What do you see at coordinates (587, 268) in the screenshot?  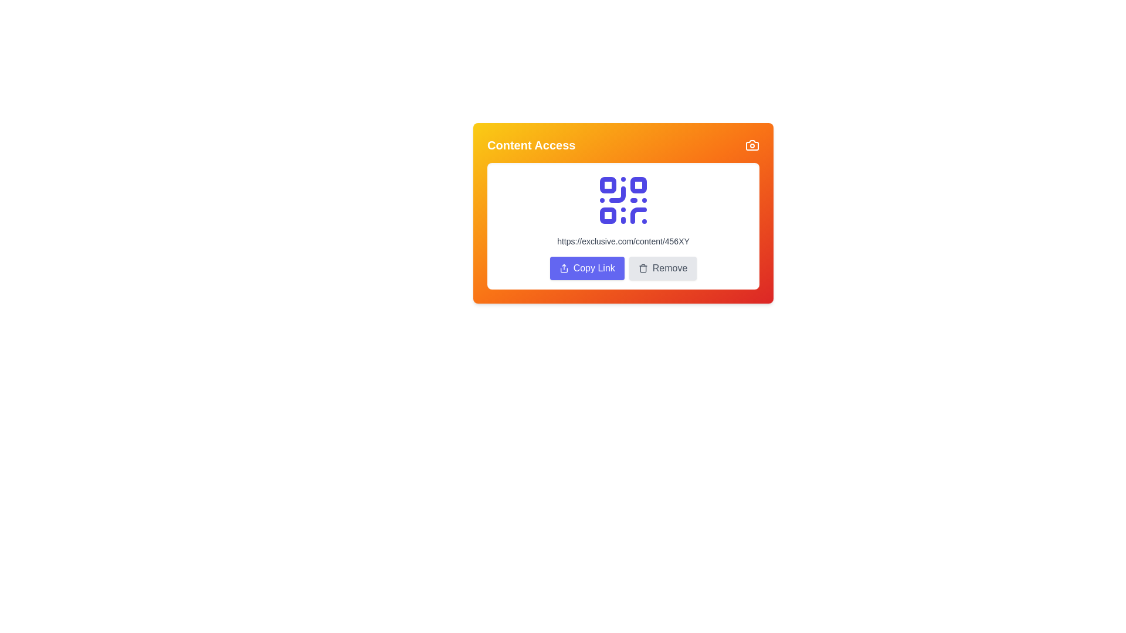 I see `the 'Copy Link' button, which has a bright blue background, rounded corners, and white text, located at the bottom of the 'Content Access' card` at bounding box center [587, 268].